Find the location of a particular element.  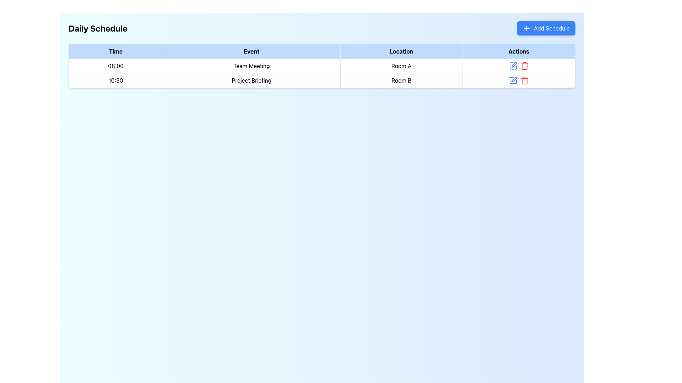

the second row in the table that displays details about a scheduled meeting is located at coordinates (321, 80).